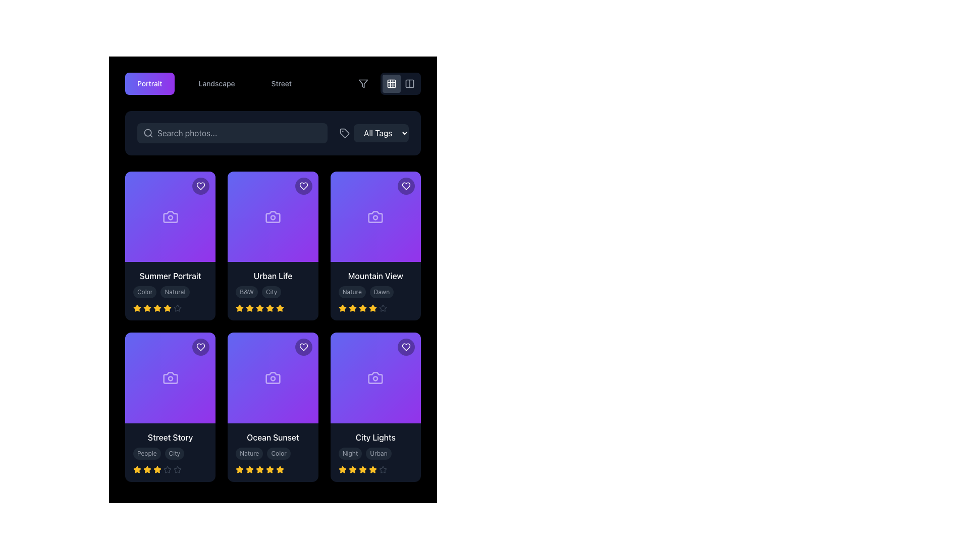 The width and height of the screenshot is (969, 545). I want to click on the fourth filled amber star icon in the rating section below the 'Street Story' item card, so click(157, 469).